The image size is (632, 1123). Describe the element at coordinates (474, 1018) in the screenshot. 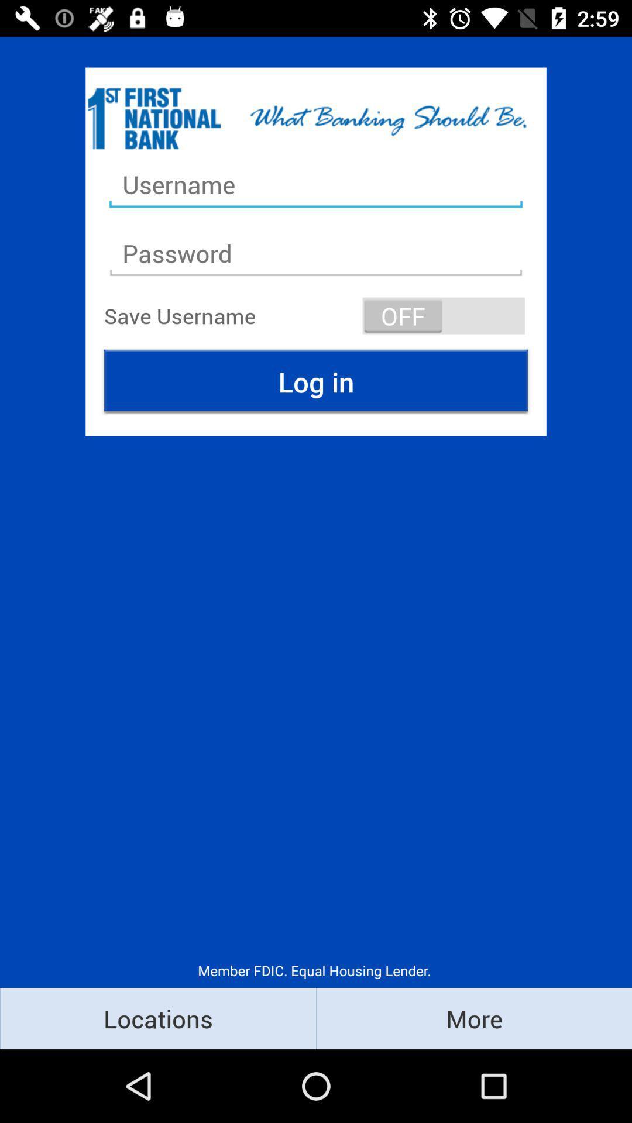

I see `item next to locations item` at that location.